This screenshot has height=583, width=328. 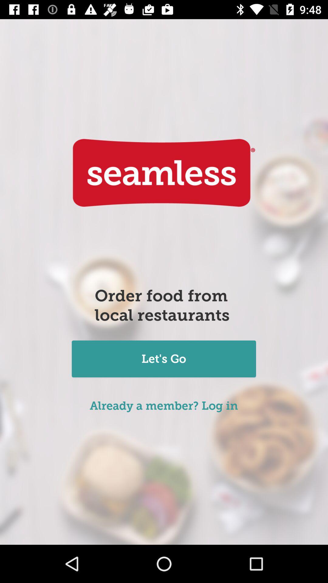 I want to click on the already a member item, so click(x=163, y=406).